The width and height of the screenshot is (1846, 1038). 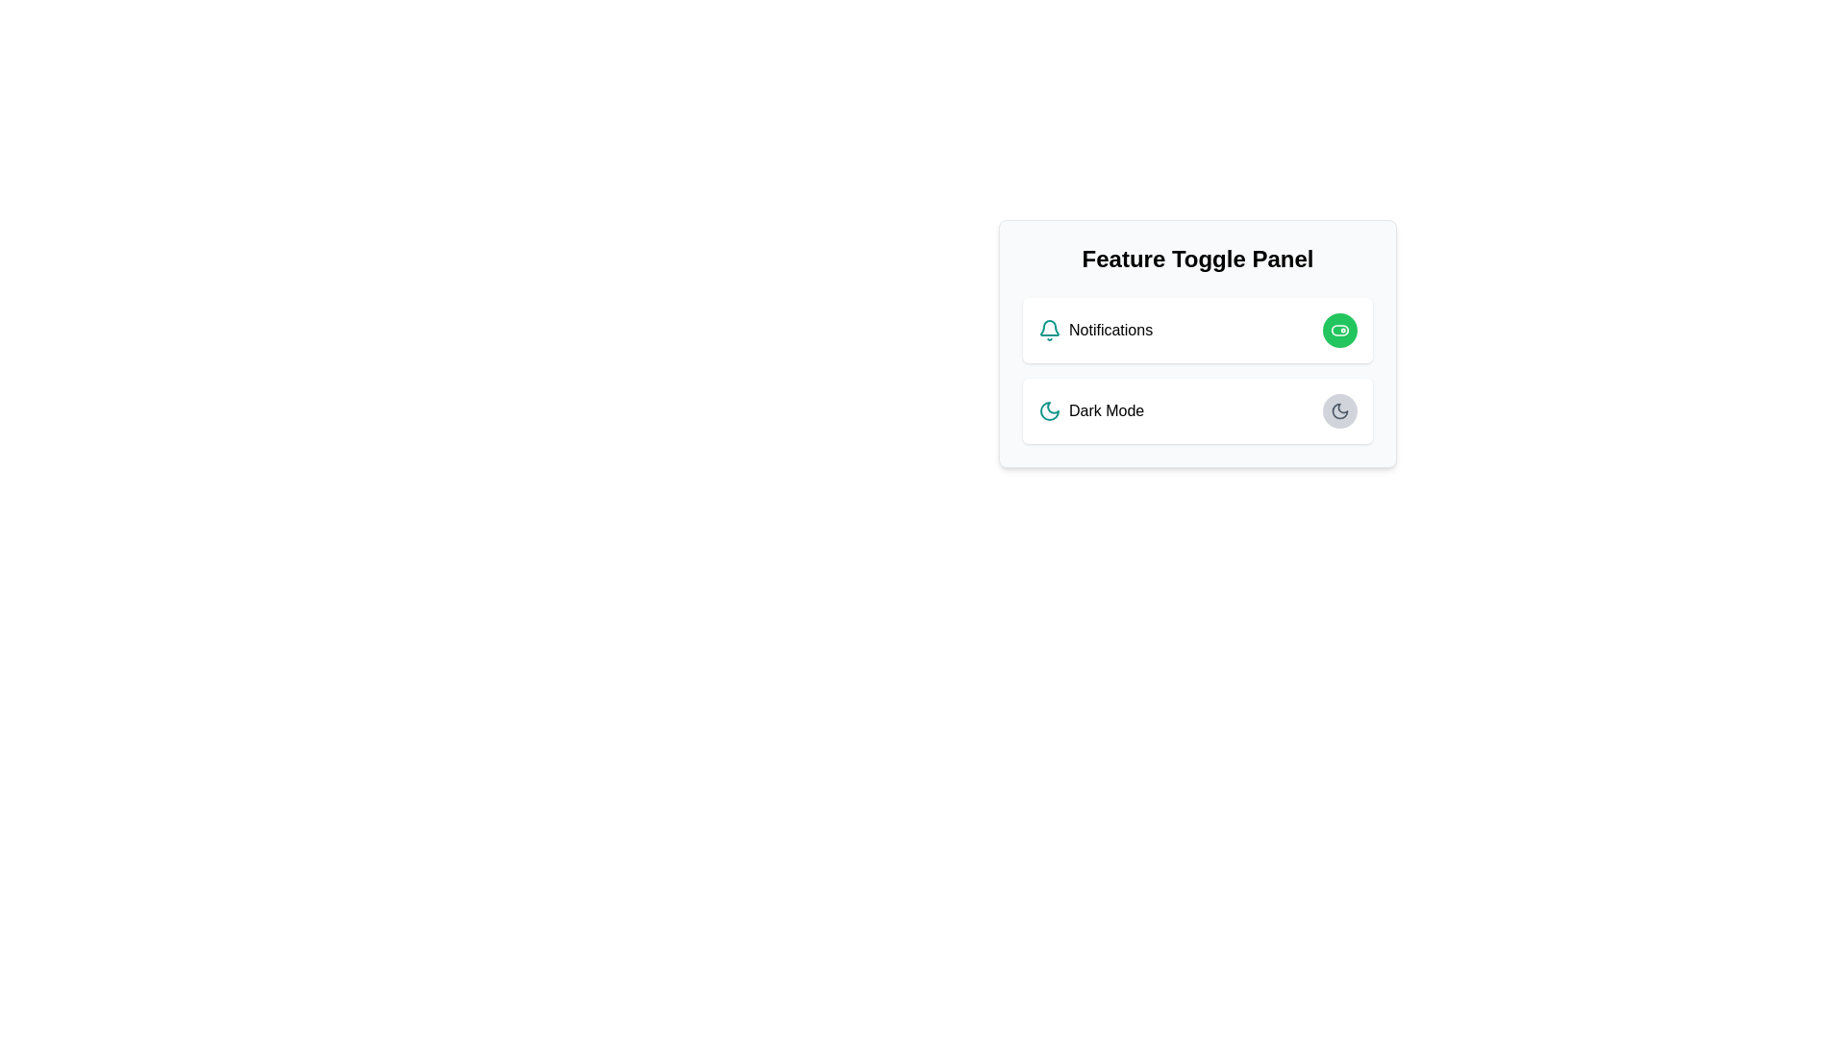 I want to click on the green toggle background component located adjacent to the 'Notifications' label in the toggle panel, so click(x=1338, y=329).